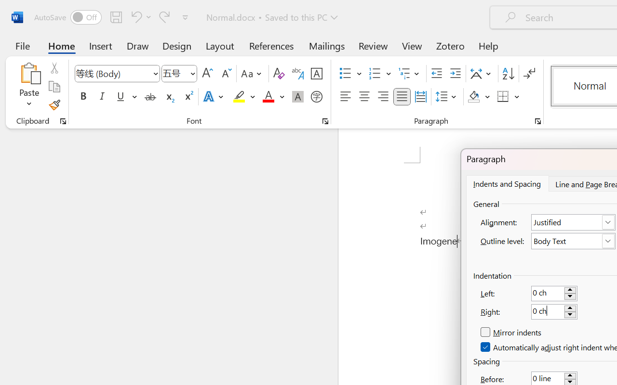  I want to click on 'Shading RGB(0, 0, 0)', so click(474, 97).